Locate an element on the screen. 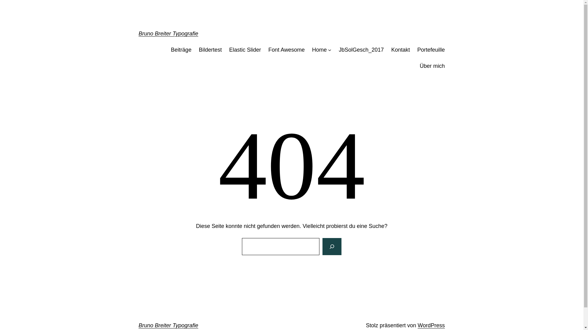 Image resolution: width=588 pixels, height=330 pixels. 'Bruno Breiter Typografie' is located at coordinates (168, 34).